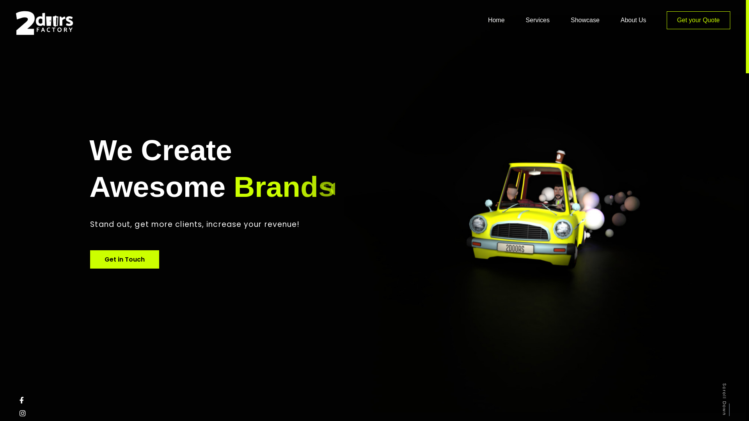  What do you see at coordinates (619, 19) in the screenshot?
I see `'About Us'` at bounding box center [619, 19].